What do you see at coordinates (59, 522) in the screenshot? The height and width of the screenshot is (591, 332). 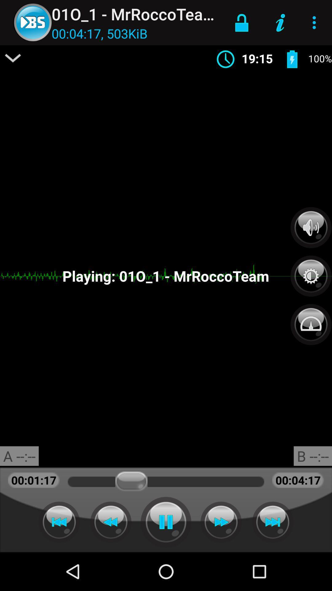 I see `previous track` at bounding box center [59, 522].